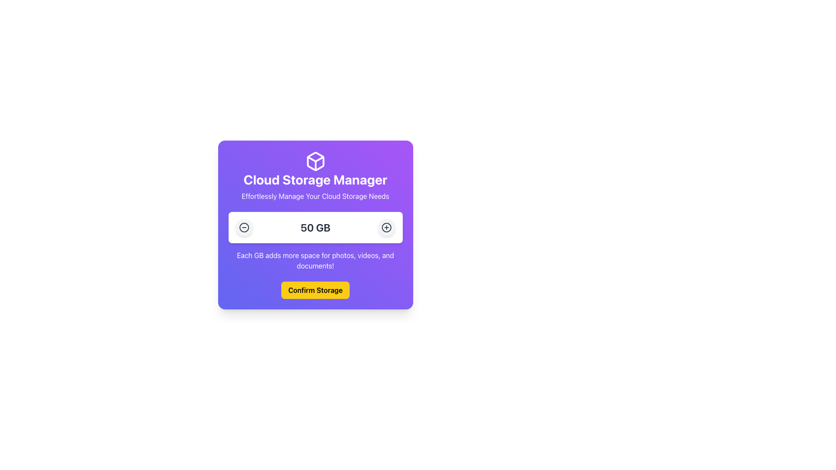 This screenshot has height=470, width=836. Describe the element at coordinates (244, 227) in the screenshot. I see `the button that decreases the quantity in the adjacent '50 GB' text field` at that location.